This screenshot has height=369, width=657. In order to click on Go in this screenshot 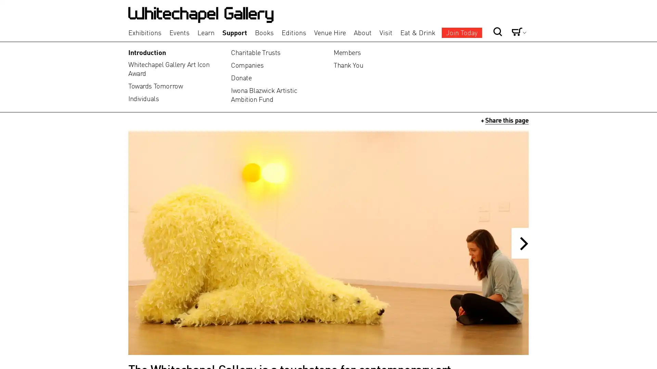, I will do `click(474, 20)`.